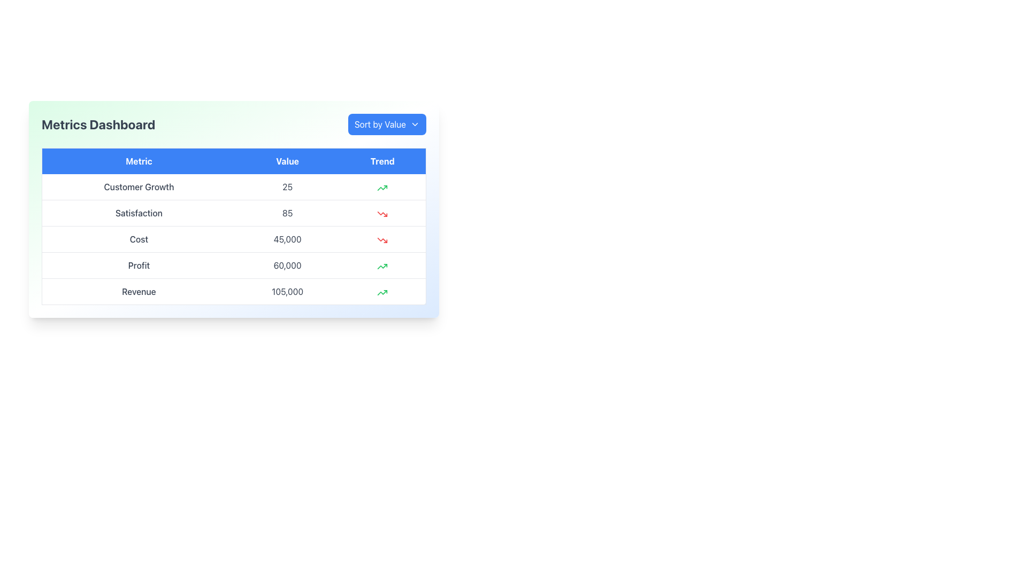 This screenshot has width=1027, height=577. I want to click on the 'Customer Growth' text label located in the first row of the table under the 'Metric' header, so click(138, 186).